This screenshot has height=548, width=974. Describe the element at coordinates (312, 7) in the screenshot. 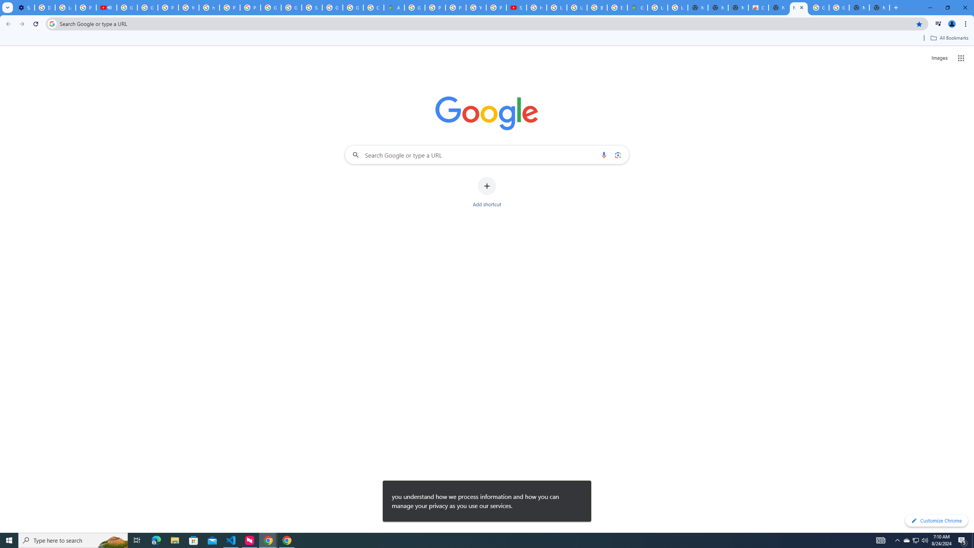

I see `'Sign in - Google Accounts'` at that location.